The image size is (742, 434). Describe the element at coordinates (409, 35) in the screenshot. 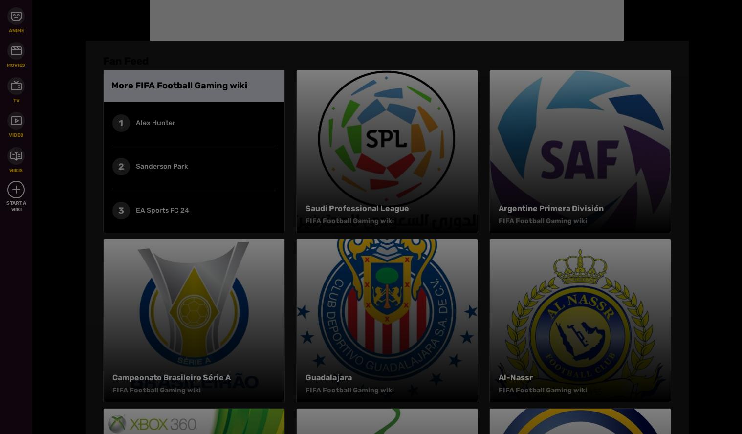

I see `'Advertise'` at that location.